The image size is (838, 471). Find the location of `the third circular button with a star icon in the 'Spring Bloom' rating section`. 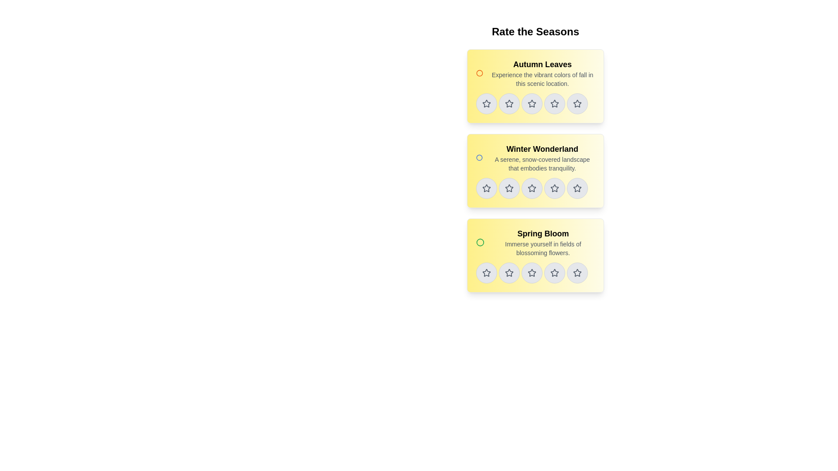

the third circular button with a star icon in the 'Spring Bloom' rating section is located at coordinates (535, 272).